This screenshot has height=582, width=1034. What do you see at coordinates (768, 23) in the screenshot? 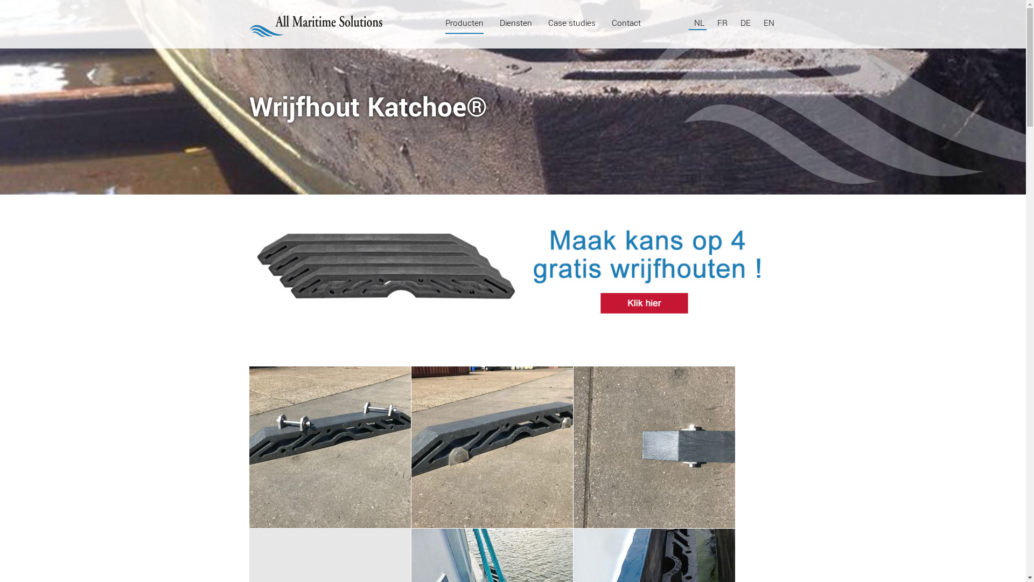
I see `'EN'` at bounding box center [768, 23].